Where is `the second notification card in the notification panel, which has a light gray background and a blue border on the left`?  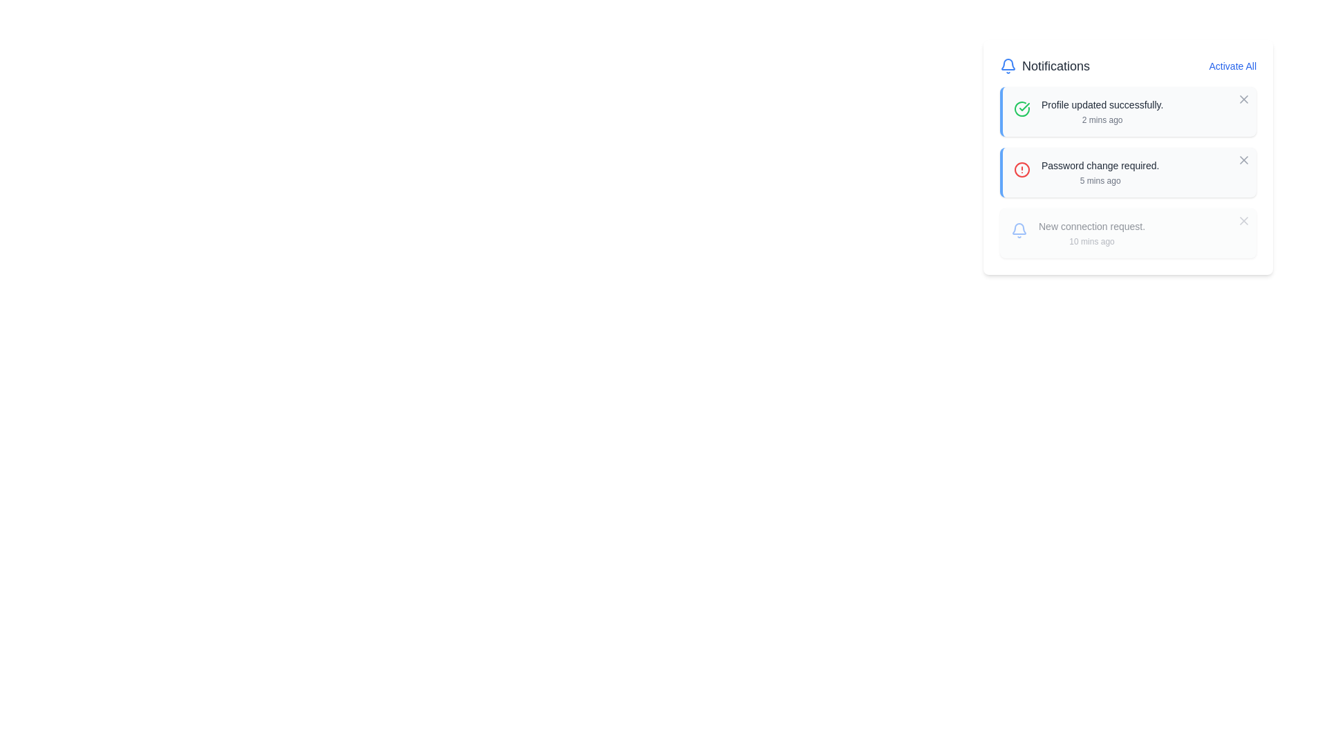 the second notification card in the notification panel, which has a light gray background and a blue border on the left is located at coordinates (1128, 156).